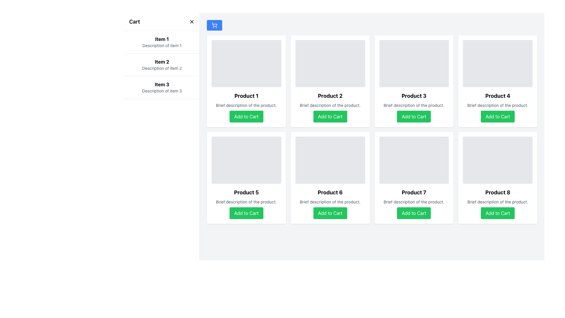 The height and width of the screenshot is (318, 565). I want to click on text label that displays 'Brief description of the product.' located within the 'Product 1' card, positioned below the title and above the 'Add to Cart' button, so click(246, 105).